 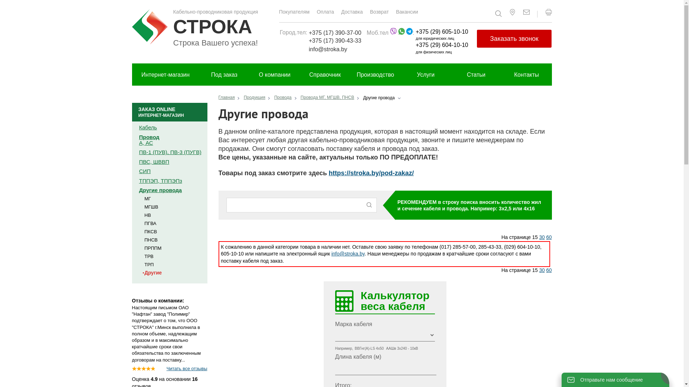 I want to click on 'viber (1).png', so click(x=393, y=31).